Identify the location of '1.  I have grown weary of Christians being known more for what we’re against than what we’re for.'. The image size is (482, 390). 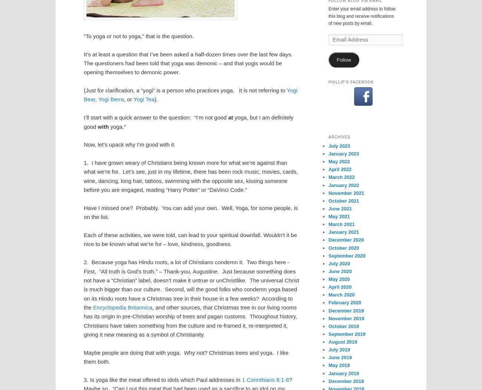
(185, 167).